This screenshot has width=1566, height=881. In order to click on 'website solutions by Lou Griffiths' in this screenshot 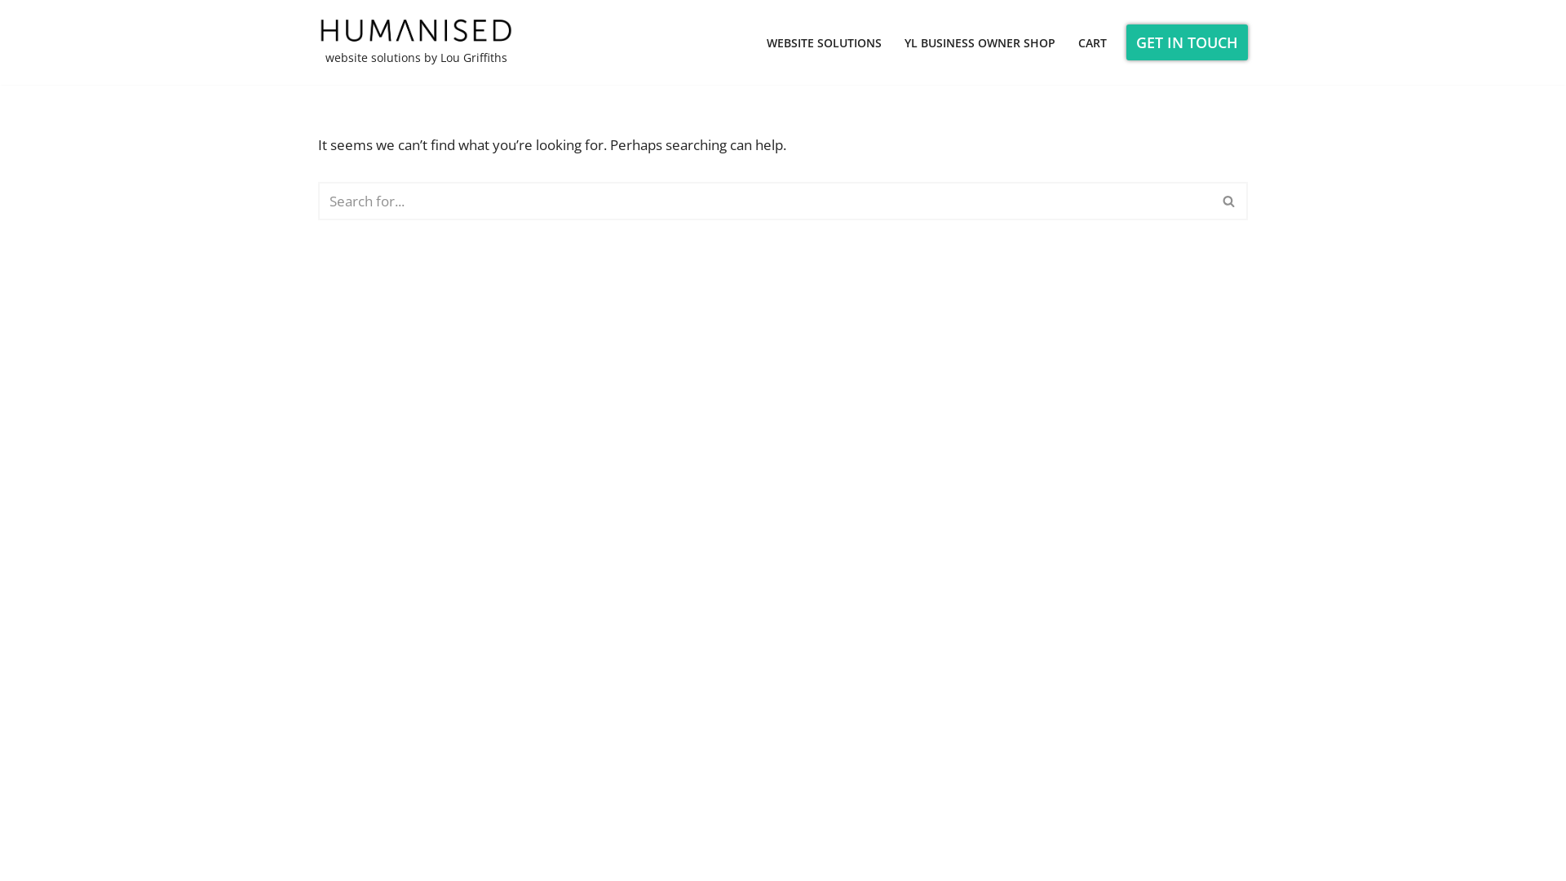, I will do `click(415, 41)`.